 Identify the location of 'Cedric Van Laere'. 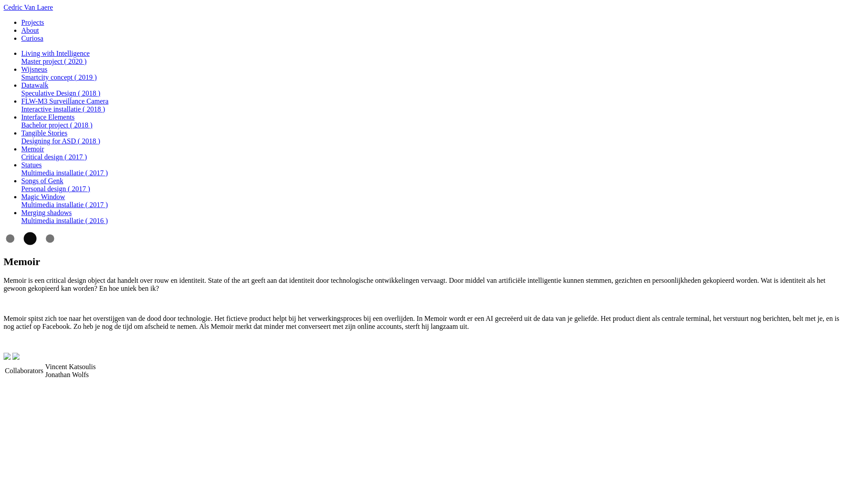
(28, 7).